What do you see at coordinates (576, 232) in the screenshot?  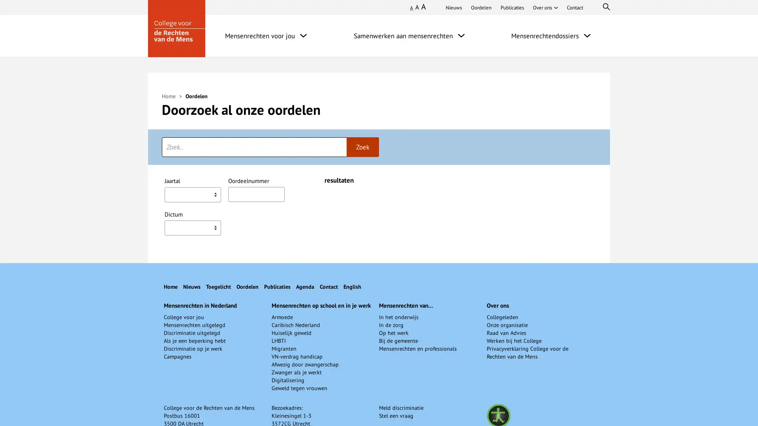 I see `Geslacht,` at bounding box center [576, 232].